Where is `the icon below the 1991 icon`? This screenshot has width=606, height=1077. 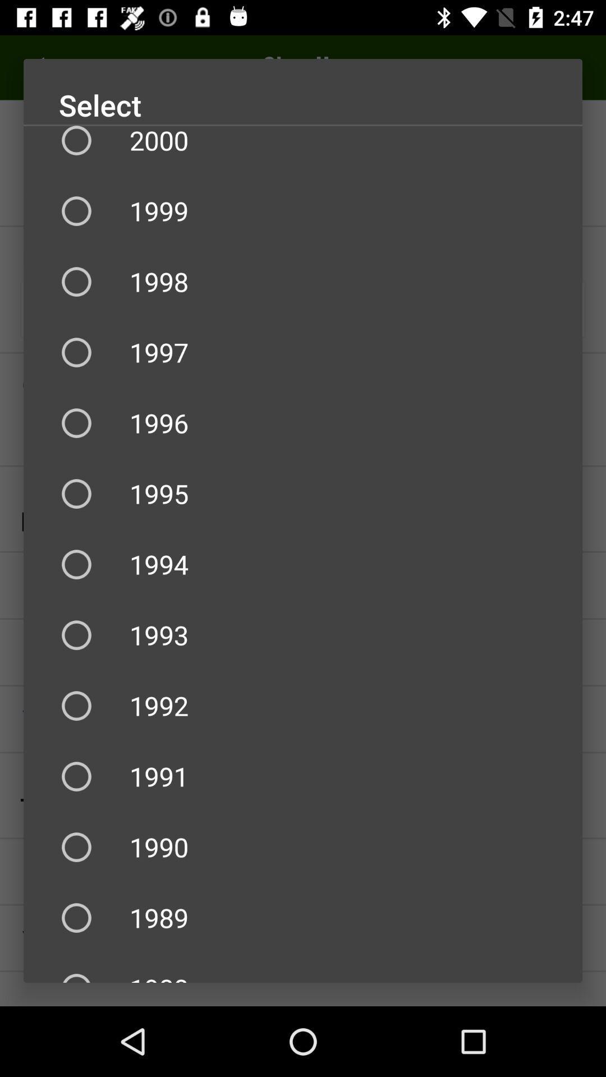 the icon below the 1991 icon is located at coordinates (303, 847).